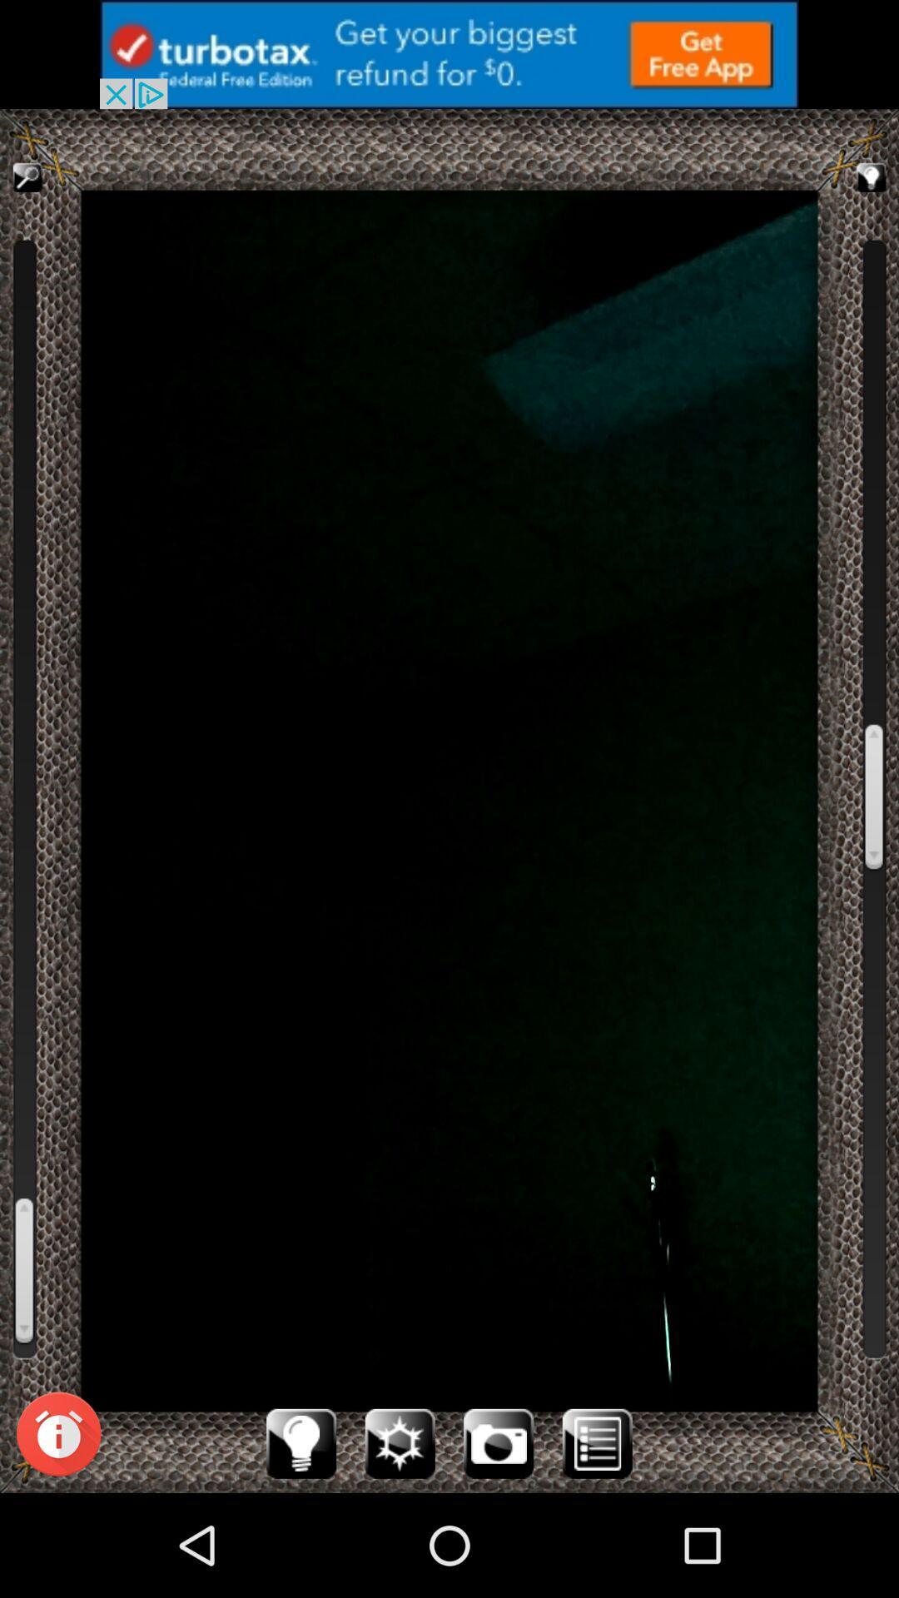 This screenshot has height=1598, width=899. Describe the element at coordinates (400, 1442) in the screenshot. I see `filter` at that location.